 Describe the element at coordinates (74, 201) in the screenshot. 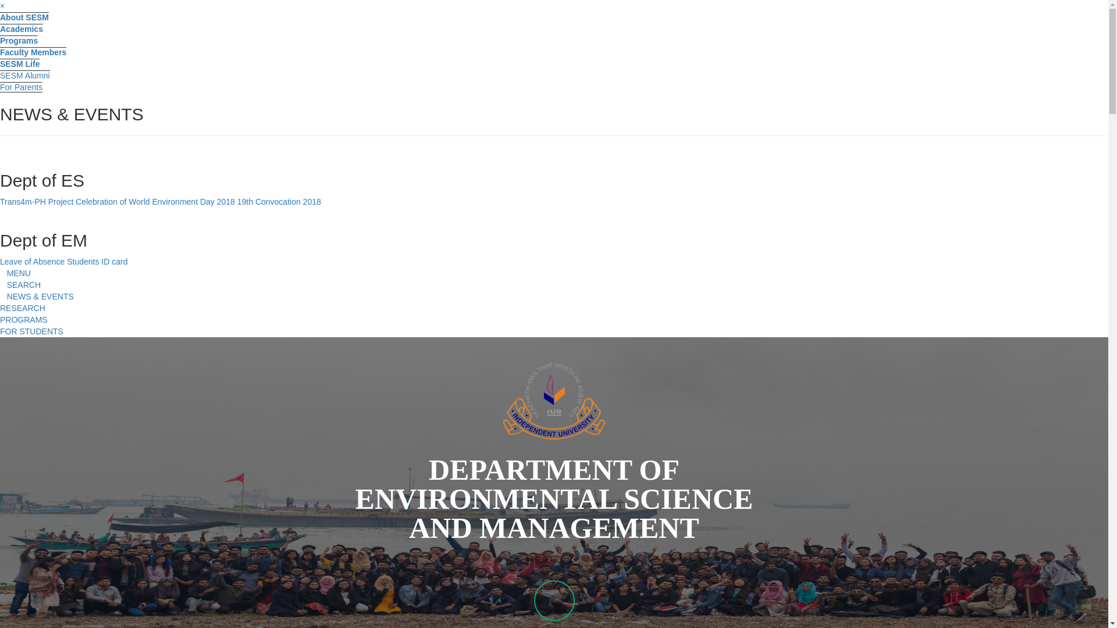

I see `'Celebration of World Environment Day 2018'` at that location.